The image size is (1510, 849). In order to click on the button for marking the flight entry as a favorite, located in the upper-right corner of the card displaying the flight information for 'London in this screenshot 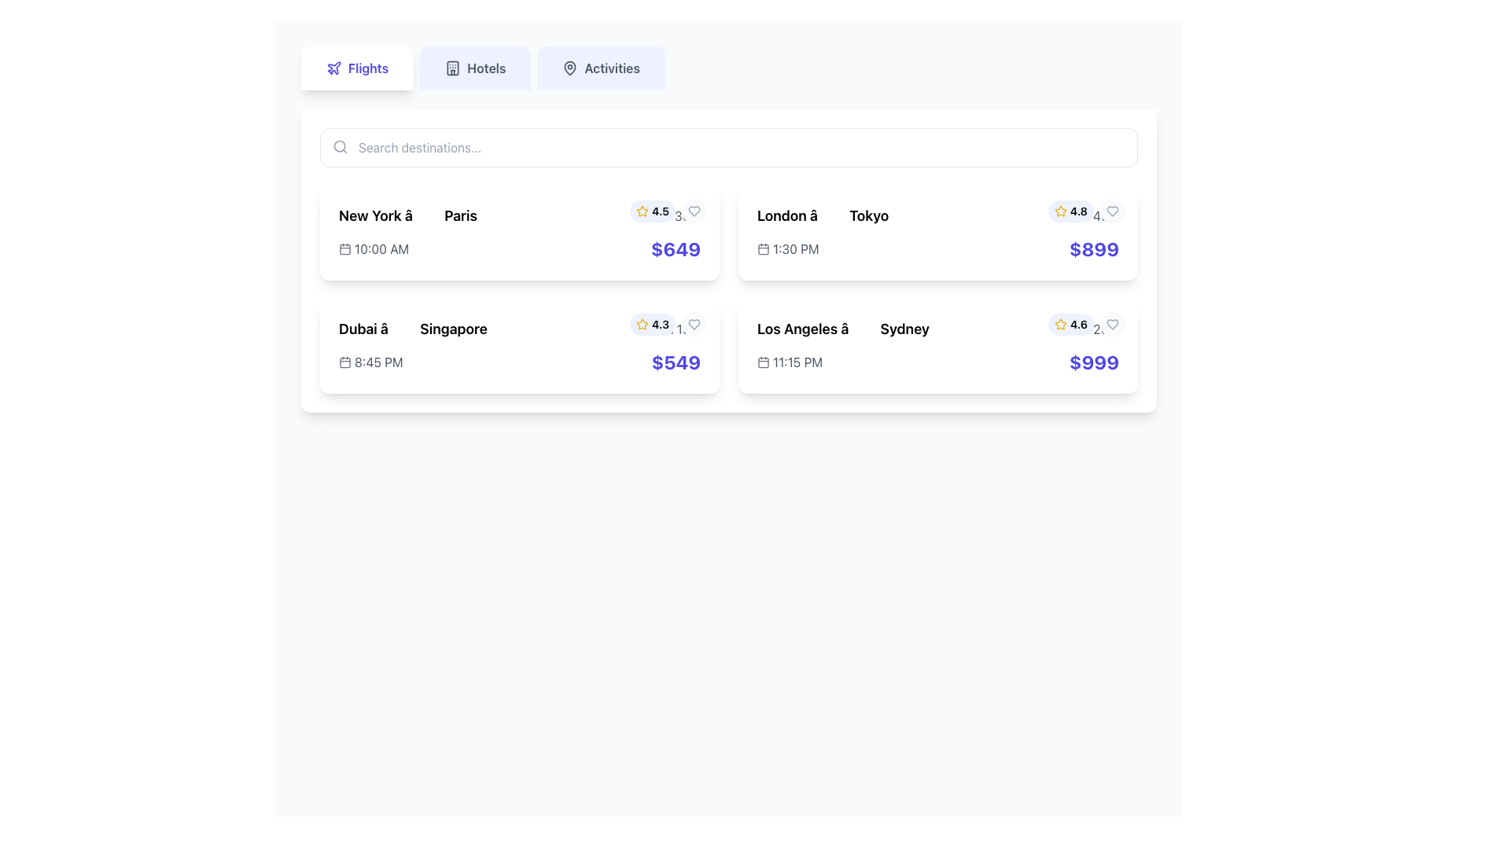, I will do `click(1112, 211)`.